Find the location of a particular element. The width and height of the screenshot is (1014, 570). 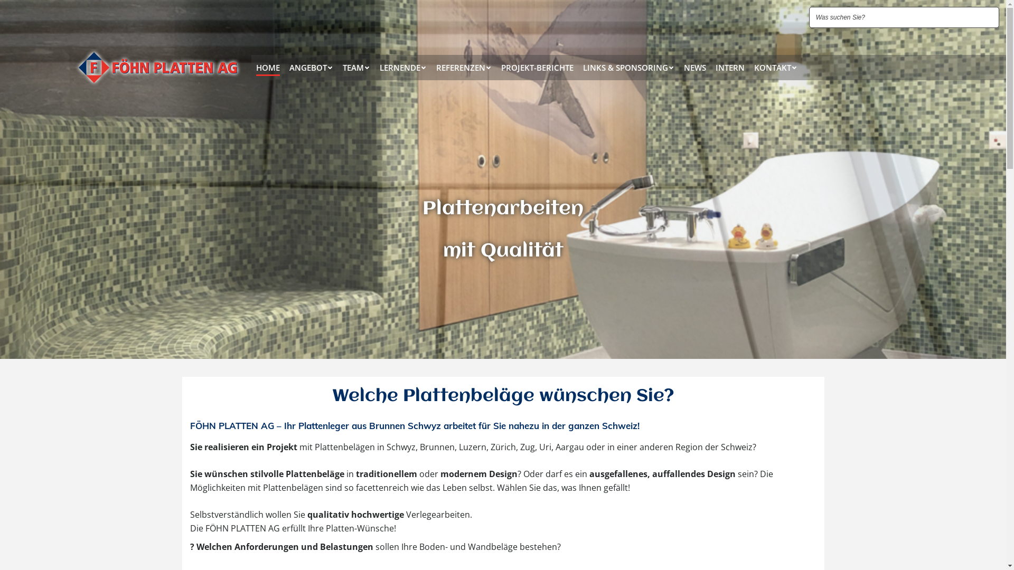

'INTERN' is located at coordinates (729, 68).